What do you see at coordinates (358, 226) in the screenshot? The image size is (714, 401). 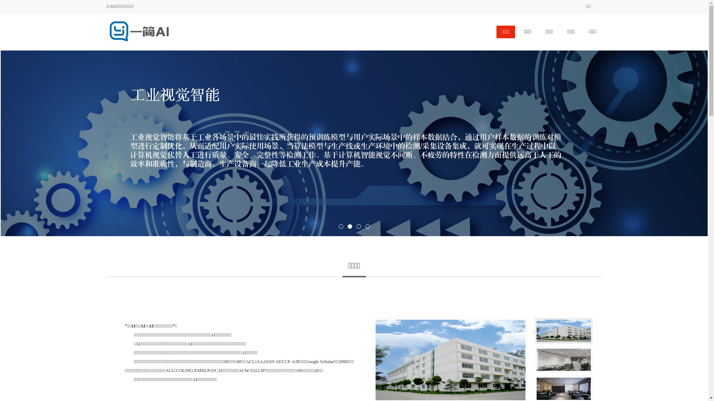 I see `'3'` at bounding box center [358, 226].